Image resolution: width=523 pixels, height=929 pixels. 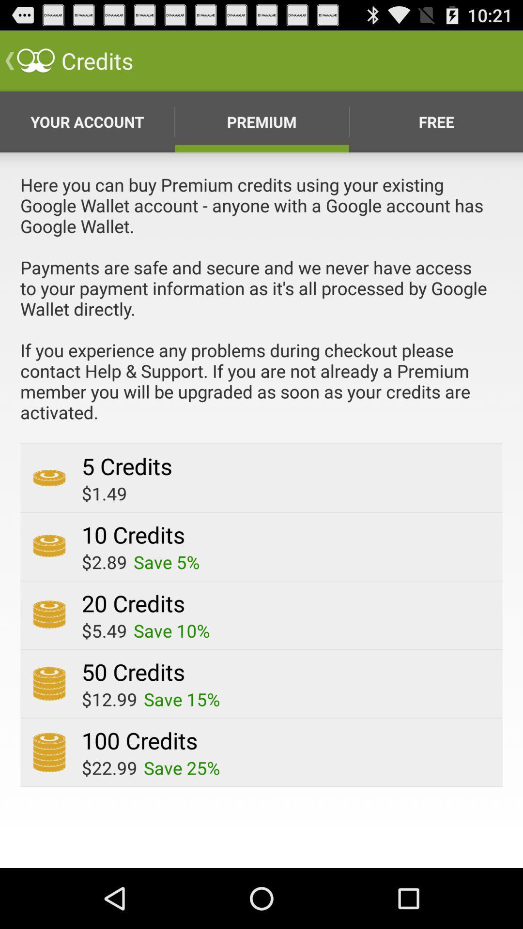 What do you see at coordinates (139, 740) in the screenshot?
I see `the 100 credits item` at bounding box center [139, 740].